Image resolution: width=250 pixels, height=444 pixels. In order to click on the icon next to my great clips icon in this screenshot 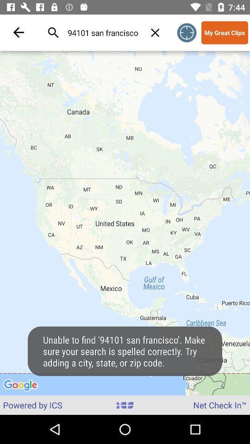, I will do `click(187, 32)`.